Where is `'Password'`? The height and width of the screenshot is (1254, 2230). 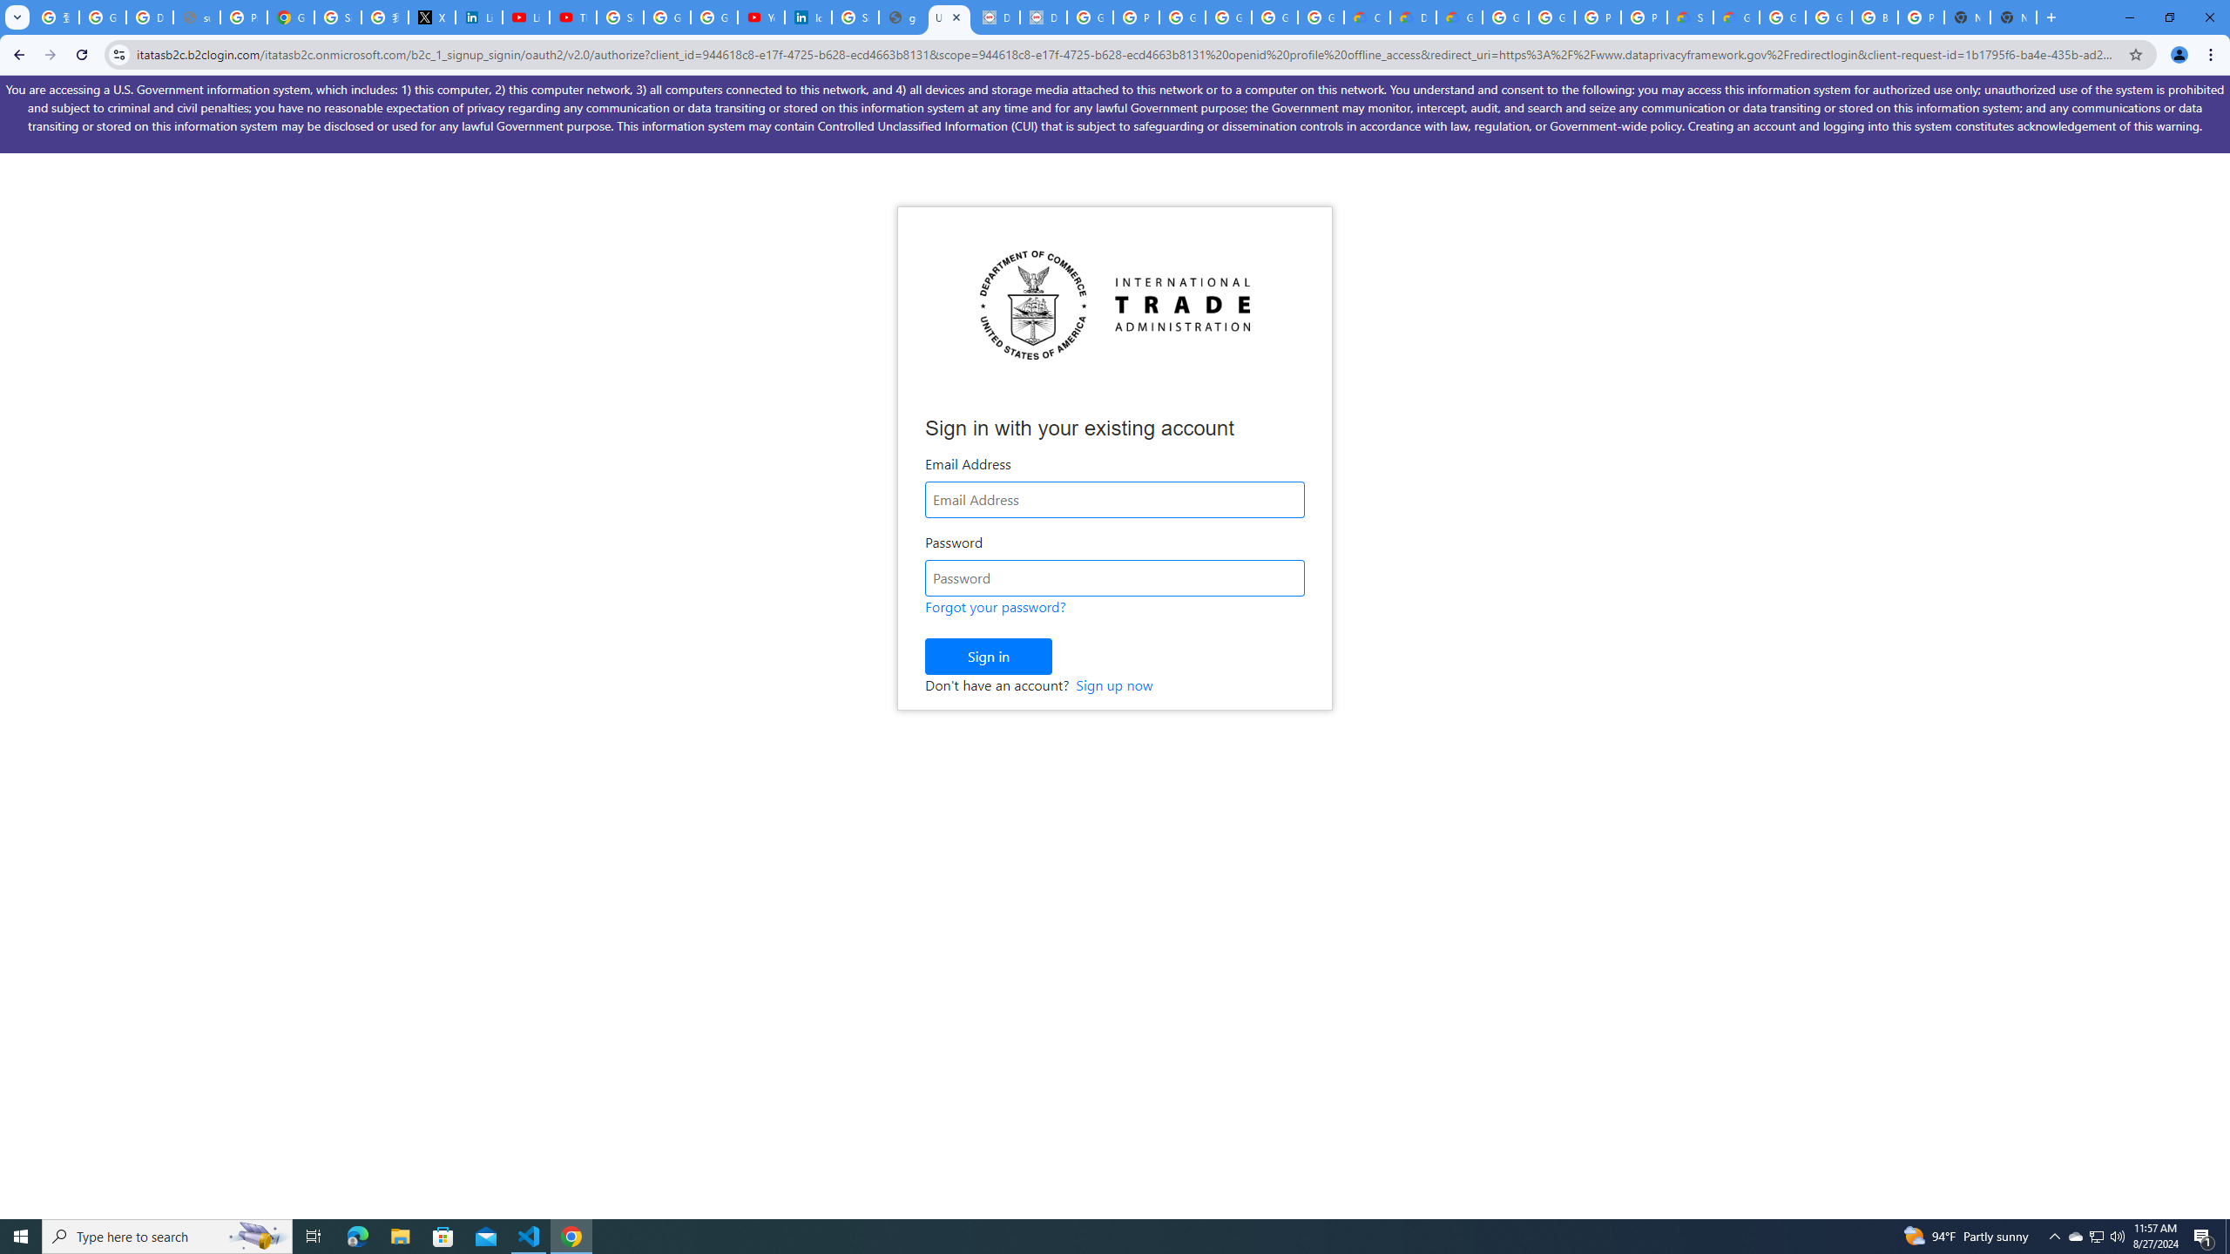
'Password' is located at coordinates (1115, 577).